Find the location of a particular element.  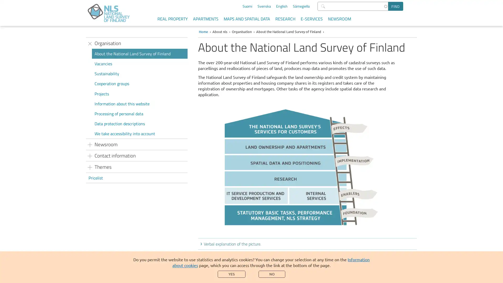

YES is located at coordinates (231, 274).